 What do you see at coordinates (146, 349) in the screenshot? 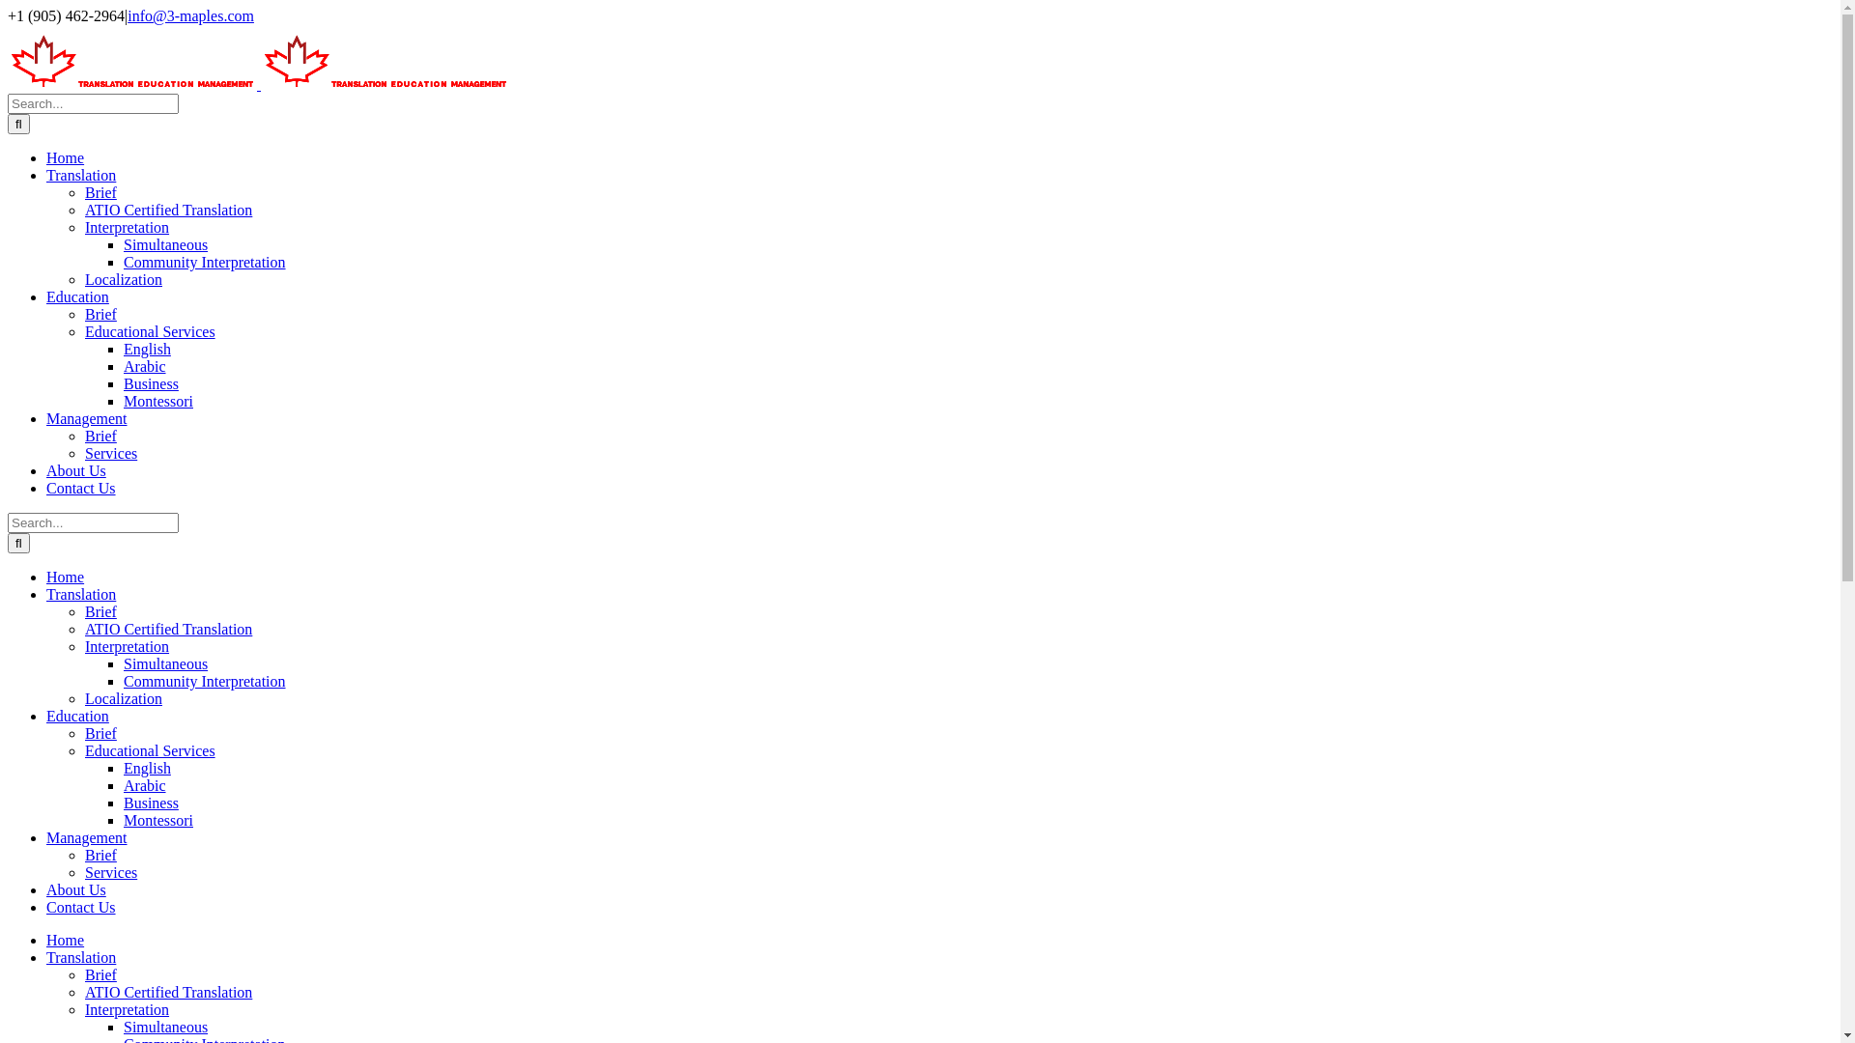
I see `'English'` at bounding box center [146, 349].